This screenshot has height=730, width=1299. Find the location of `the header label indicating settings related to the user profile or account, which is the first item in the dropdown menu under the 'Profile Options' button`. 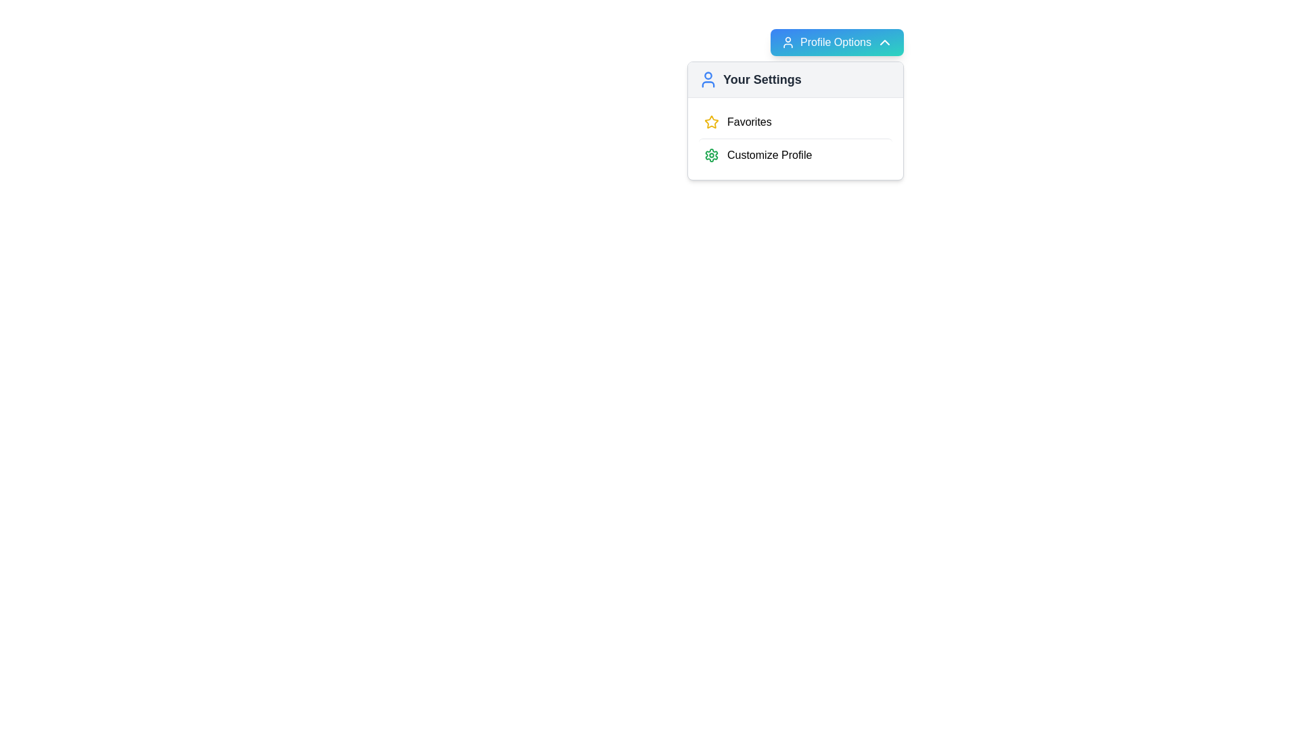

the header label indicating settings related to the user profile or account, which is the first item in the dropdown menu under the 'Profile Options' button is located at coordinates (762, 80).